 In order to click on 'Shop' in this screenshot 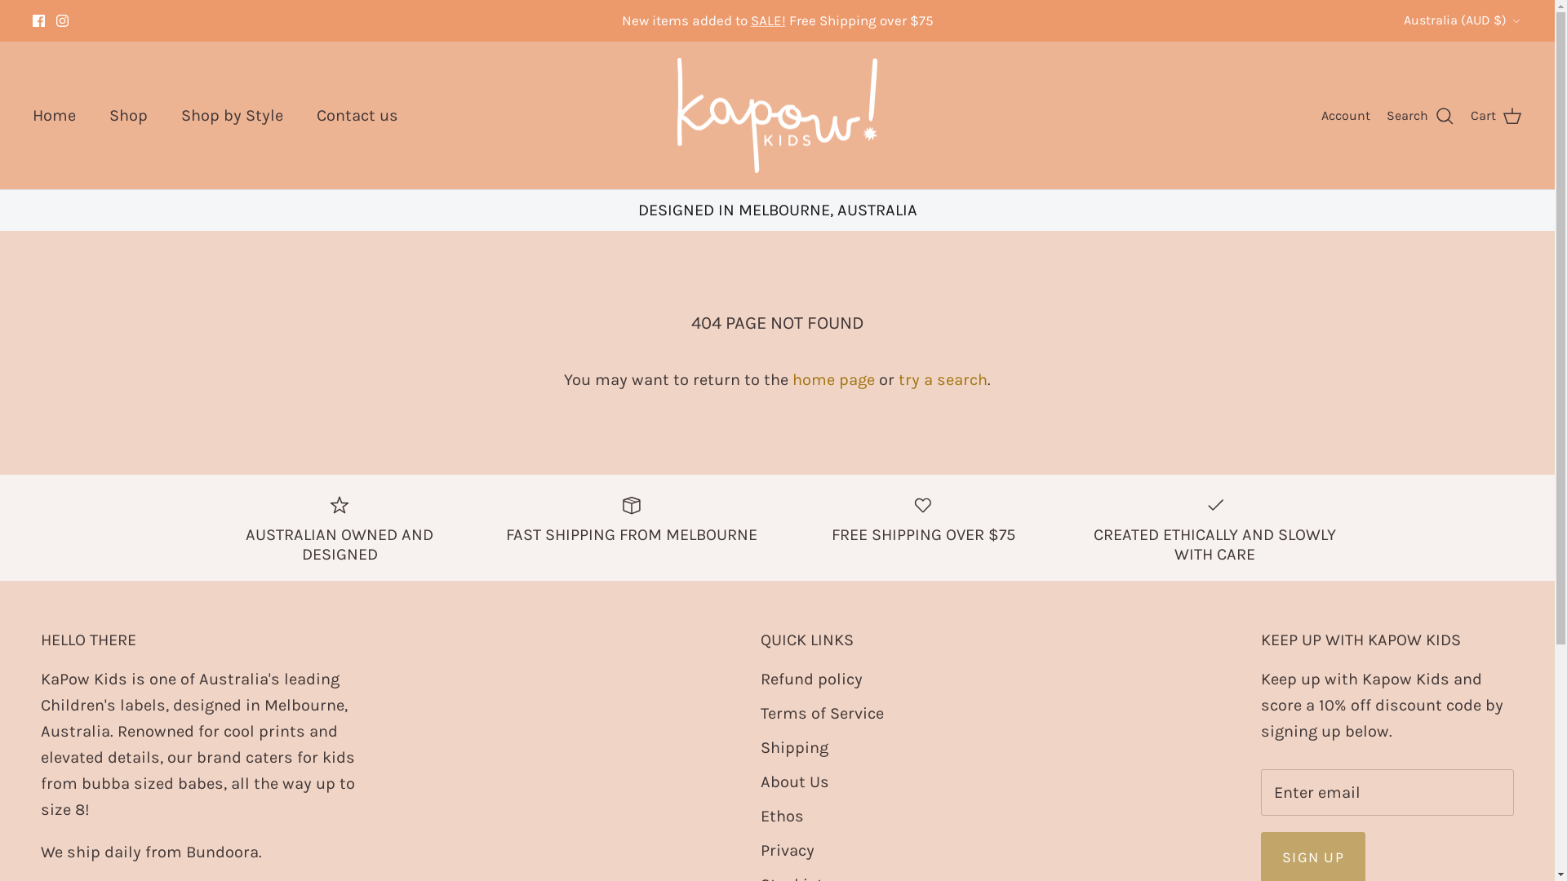, I will do `click(127, 115)`.